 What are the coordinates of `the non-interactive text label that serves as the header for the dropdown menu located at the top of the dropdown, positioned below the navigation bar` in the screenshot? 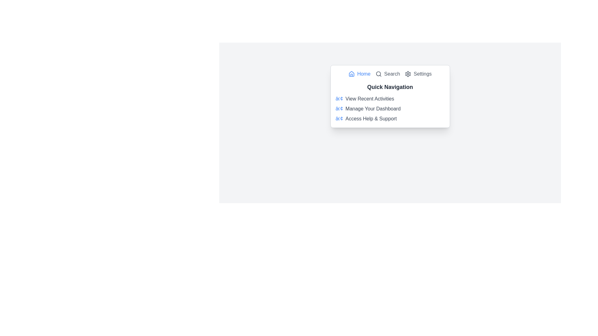 It's located at (390, 87).